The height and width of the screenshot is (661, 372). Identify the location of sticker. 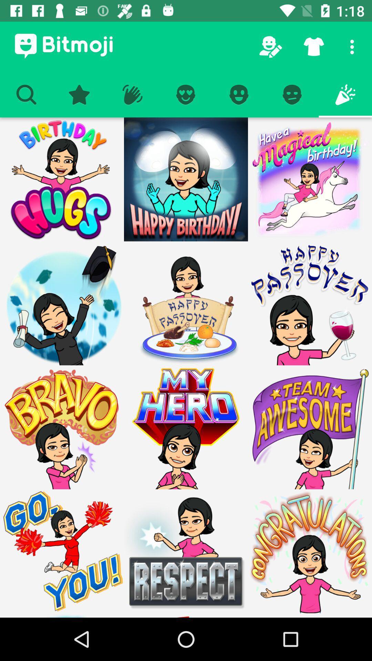
(309, 427).